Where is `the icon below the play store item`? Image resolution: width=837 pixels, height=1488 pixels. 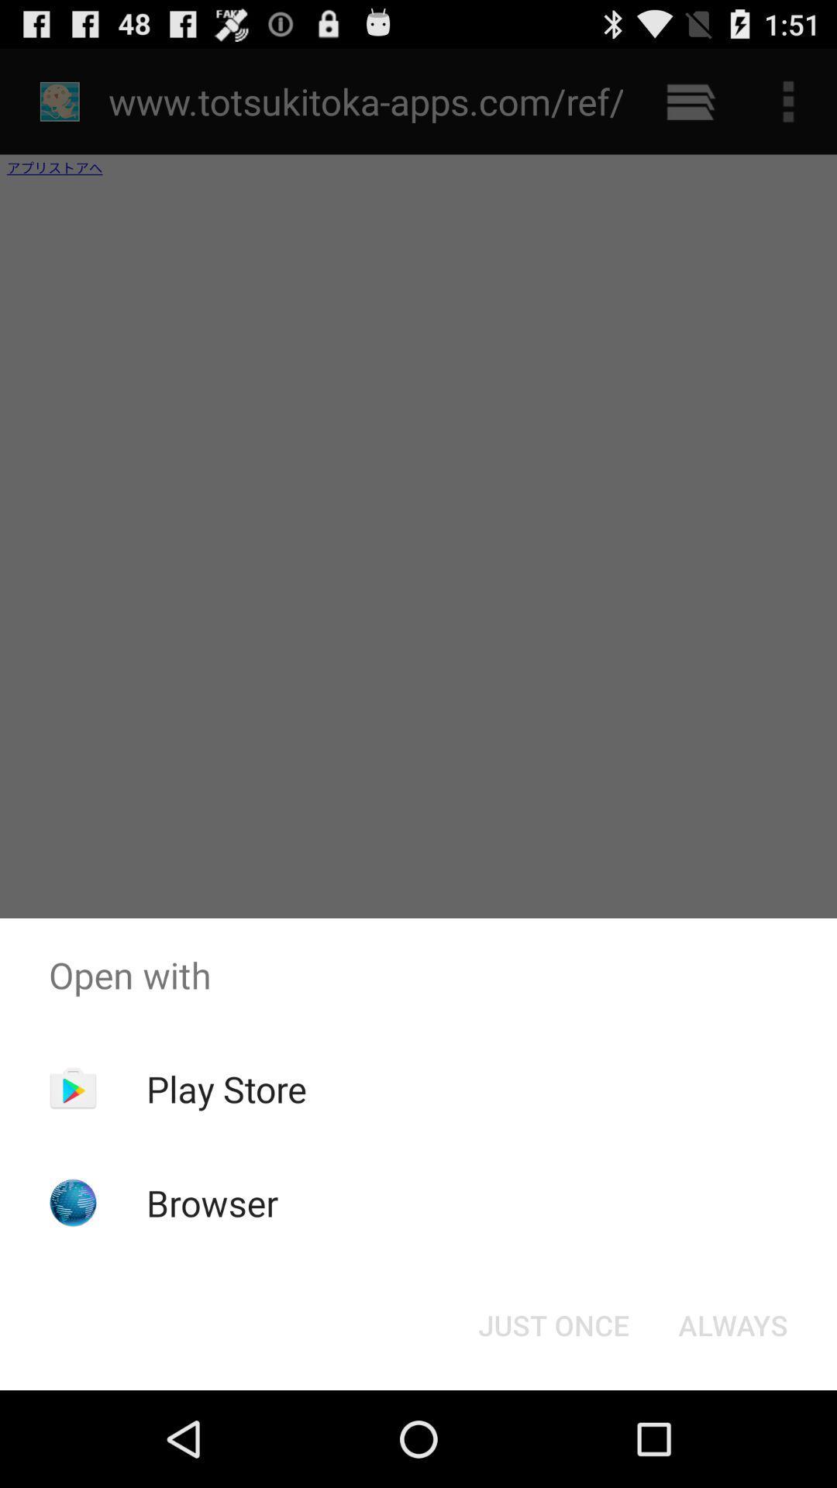 the icon below the play store item is located at coordinates (212, 1202).